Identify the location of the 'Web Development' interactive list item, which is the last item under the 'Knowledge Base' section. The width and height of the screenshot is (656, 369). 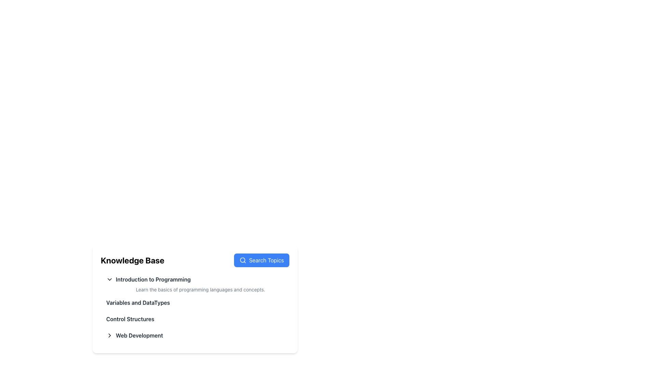
(195, 335).